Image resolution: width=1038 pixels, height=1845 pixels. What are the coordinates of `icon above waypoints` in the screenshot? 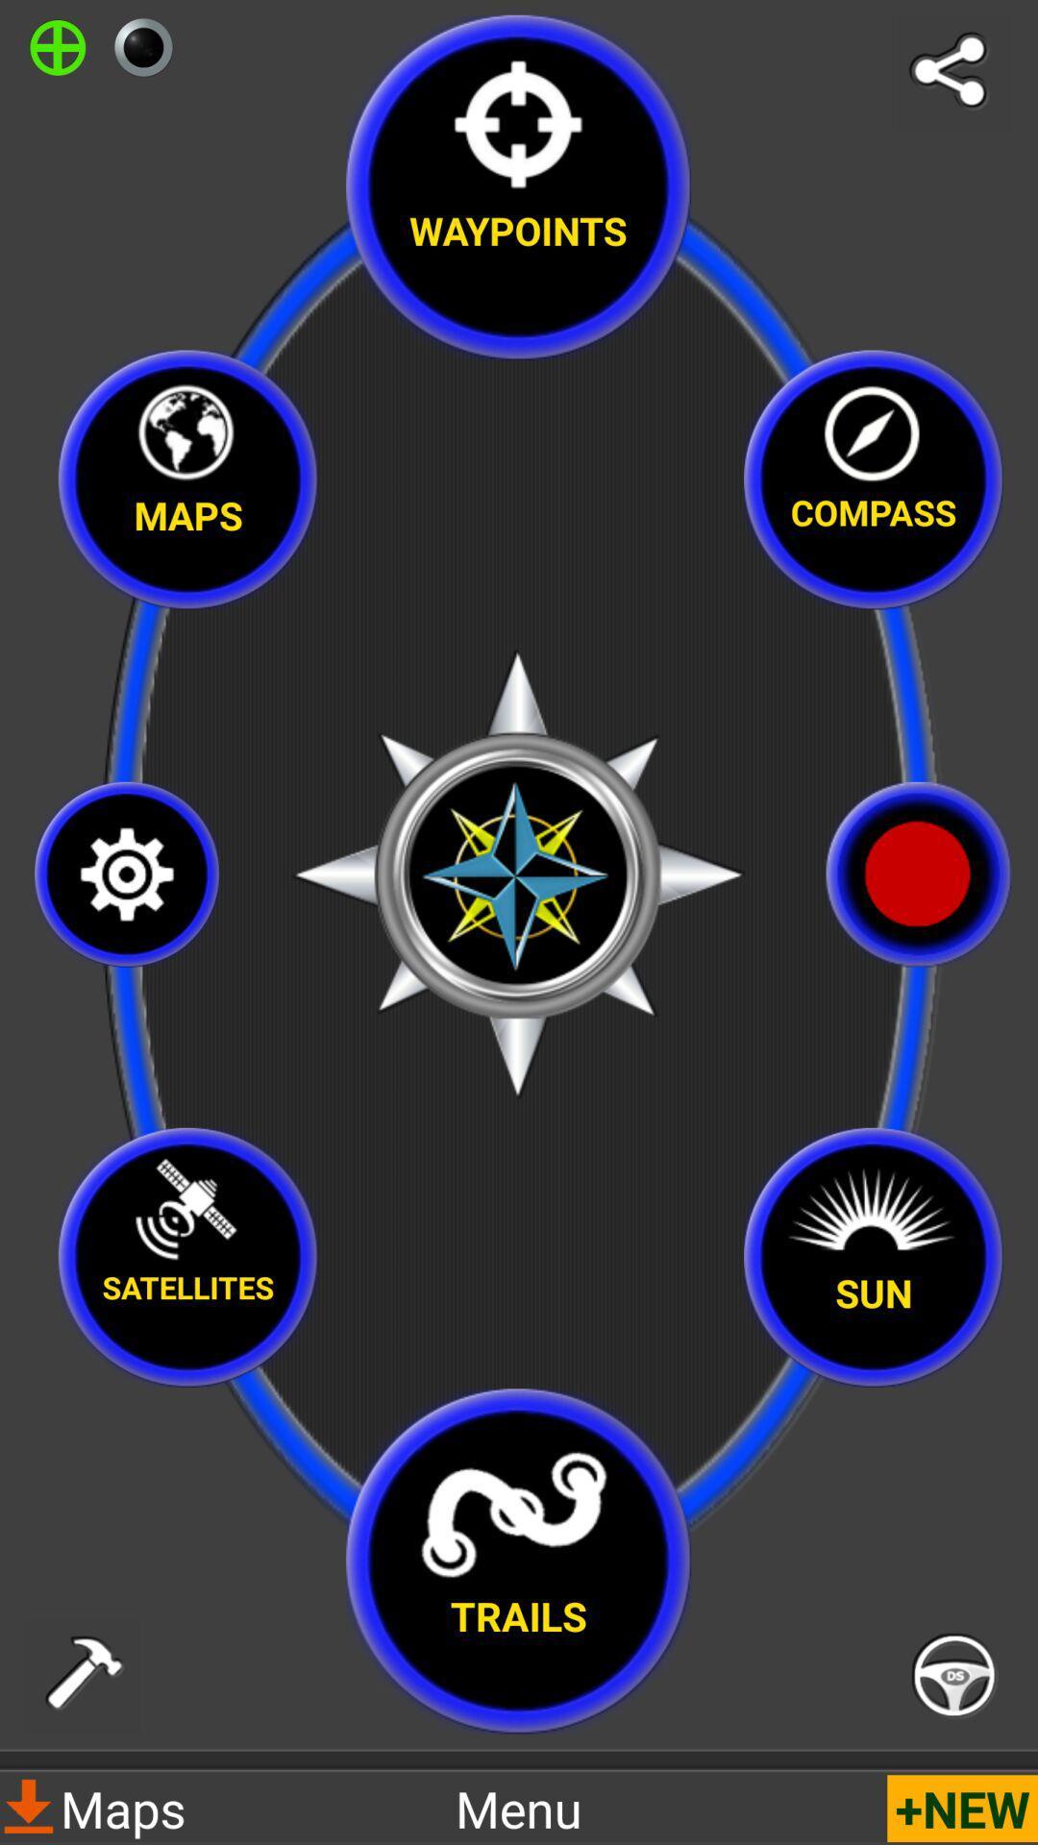 It's located at (517, 114).